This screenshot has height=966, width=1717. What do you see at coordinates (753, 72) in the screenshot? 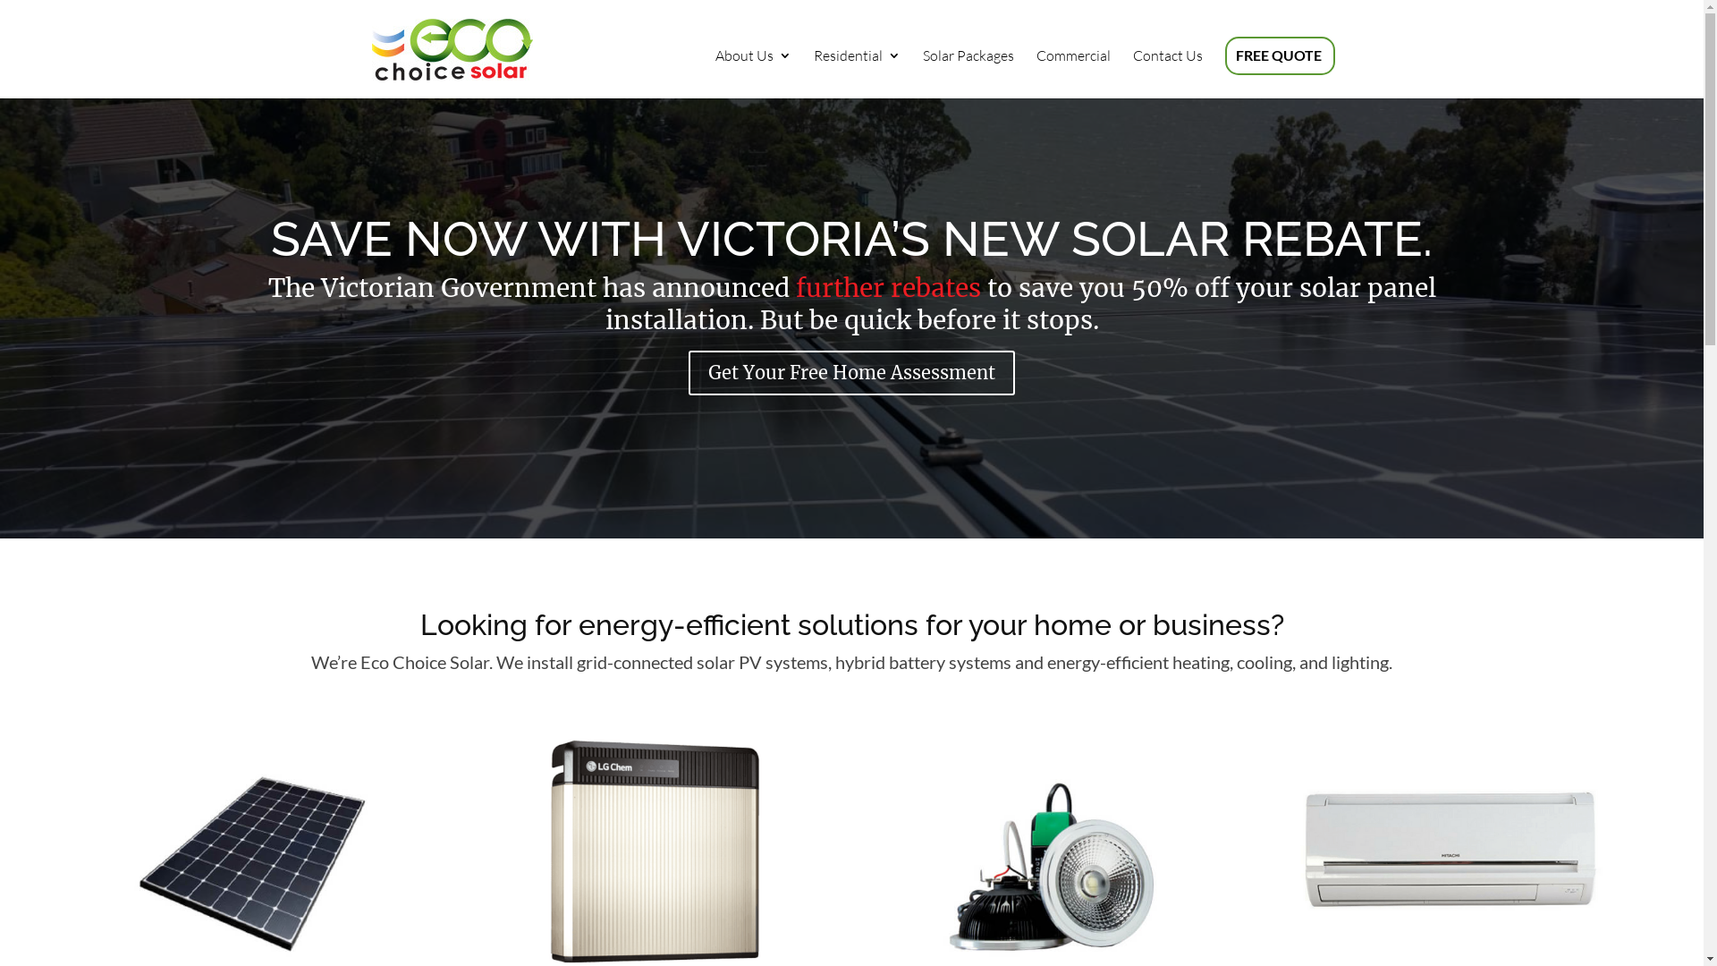
I see `'About Us'` at bounding box center [753, 72].